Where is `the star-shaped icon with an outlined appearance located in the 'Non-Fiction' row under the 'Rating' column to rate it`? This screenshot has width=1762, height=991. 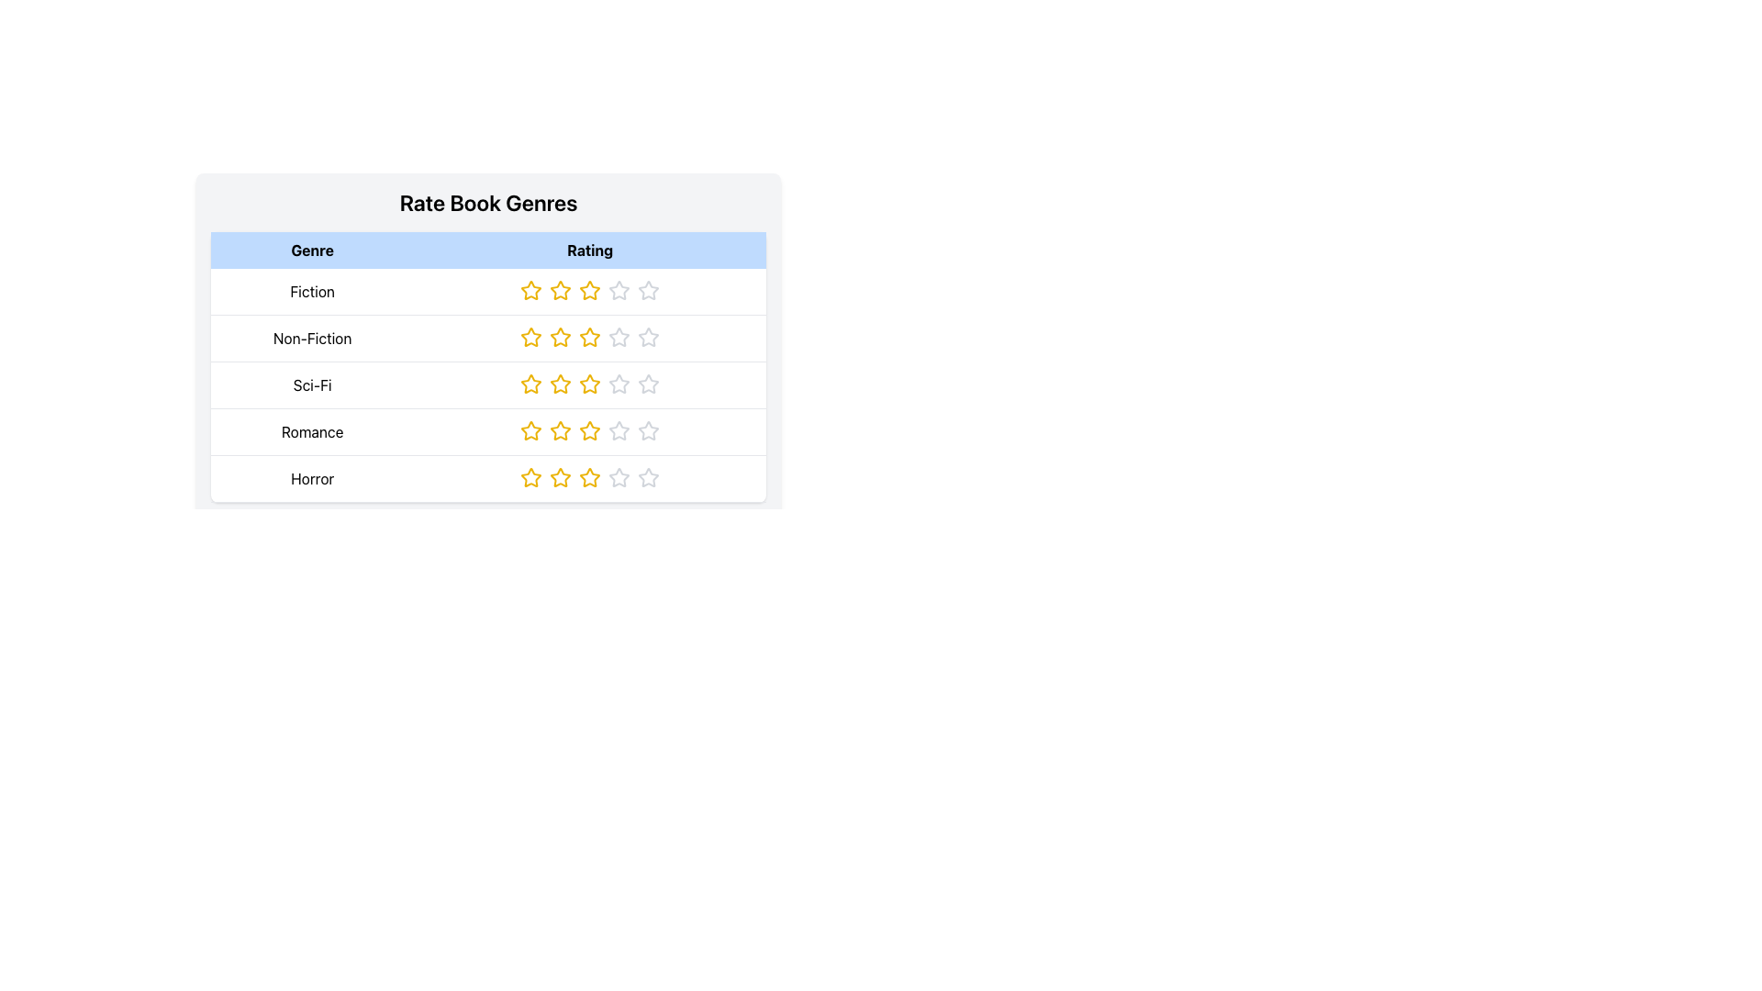
the star-shaped icon with an outlined appearance located in the 'Non-Fiction' row under the 'Rating' column to rate it is located at coordinates (590, 337).